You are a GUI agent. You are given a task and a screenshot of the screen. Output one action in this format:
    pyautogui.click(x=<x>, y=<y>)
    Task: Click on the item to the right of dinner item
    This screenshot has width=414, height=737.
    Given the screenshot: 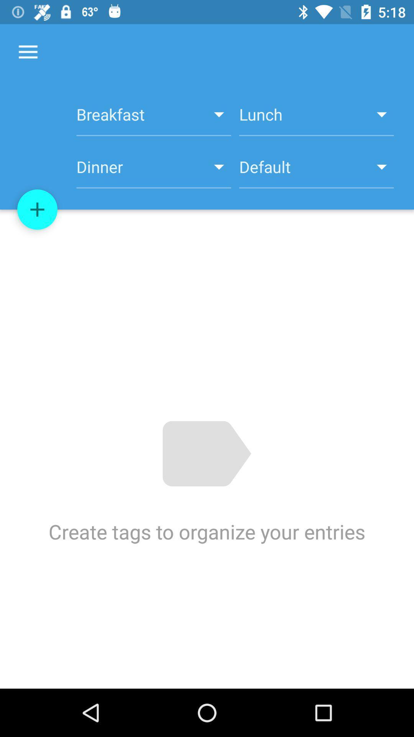 What is the action you would take?
    pyautogui.click(x=316, y=171)
    